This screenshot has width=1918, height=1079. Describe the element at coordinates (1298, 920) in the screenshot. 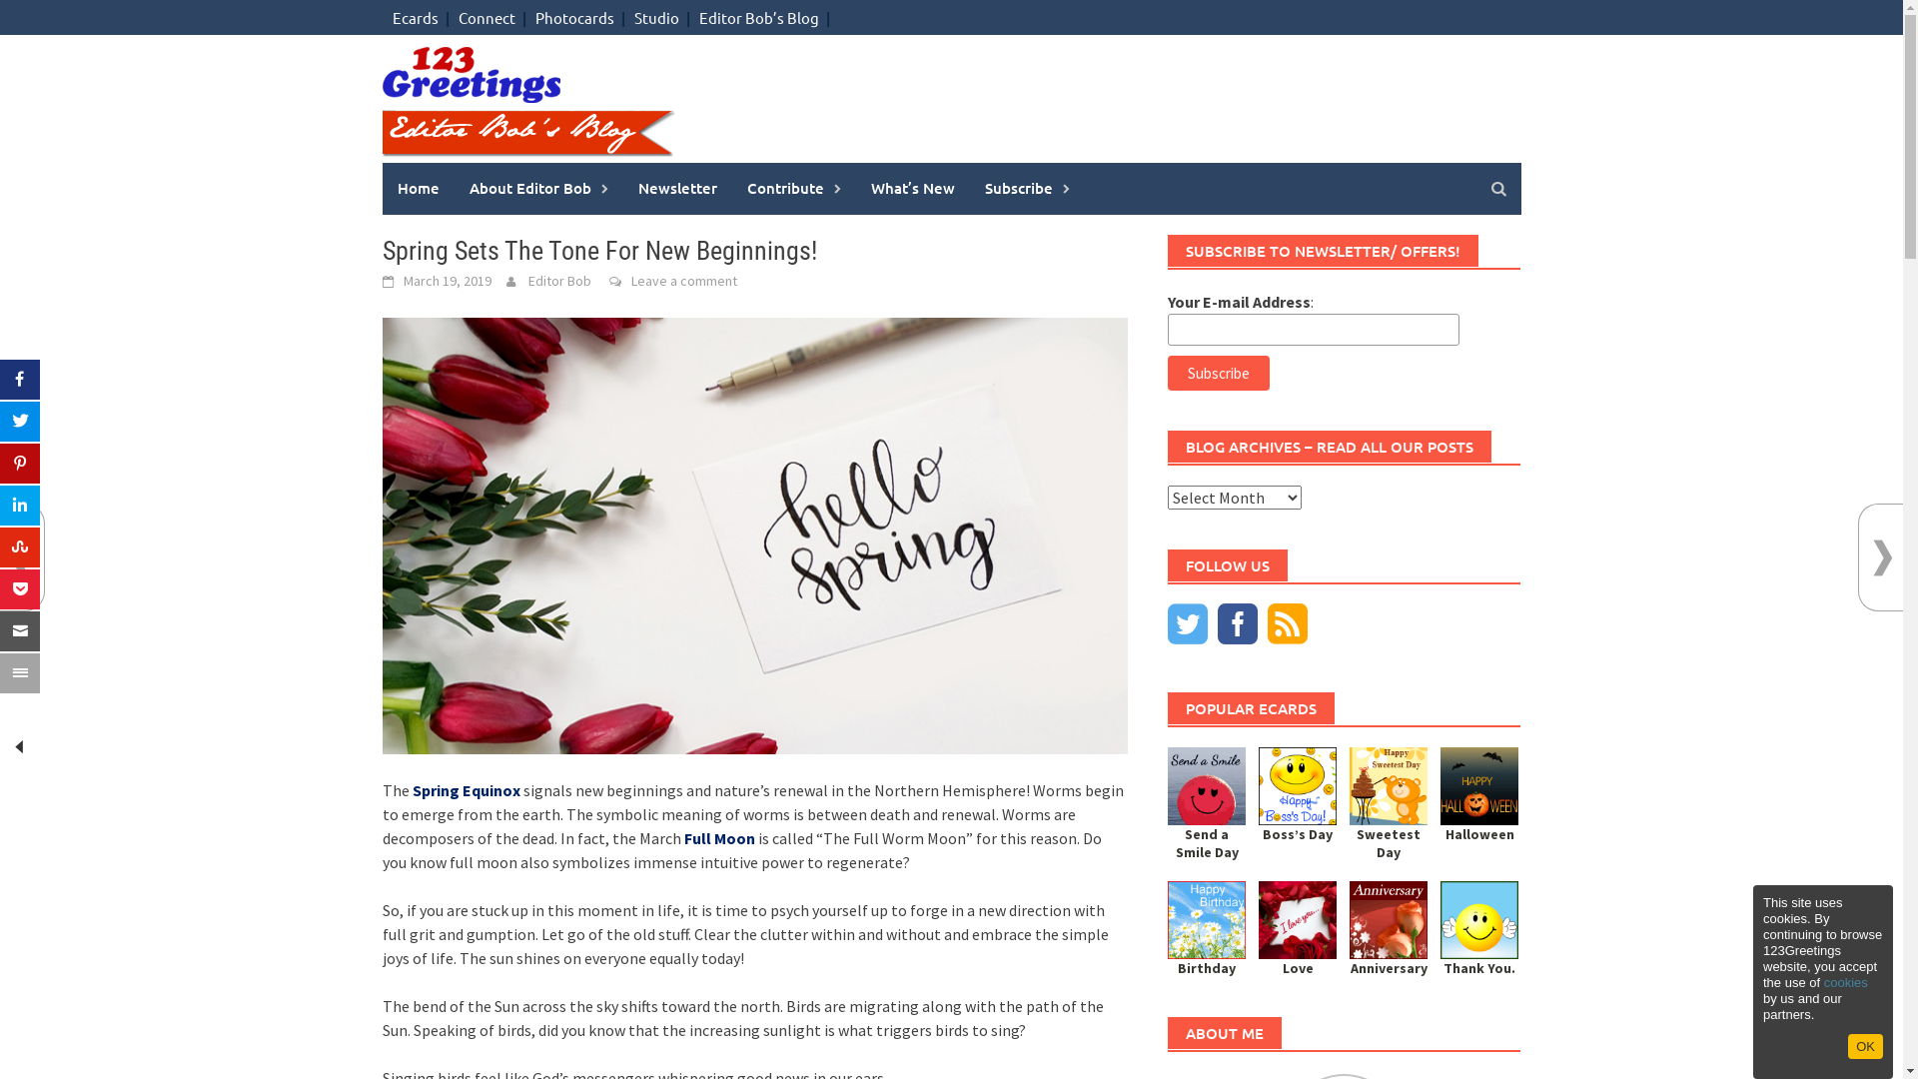

I see `'Love You Forever And Ever...'` at that location.